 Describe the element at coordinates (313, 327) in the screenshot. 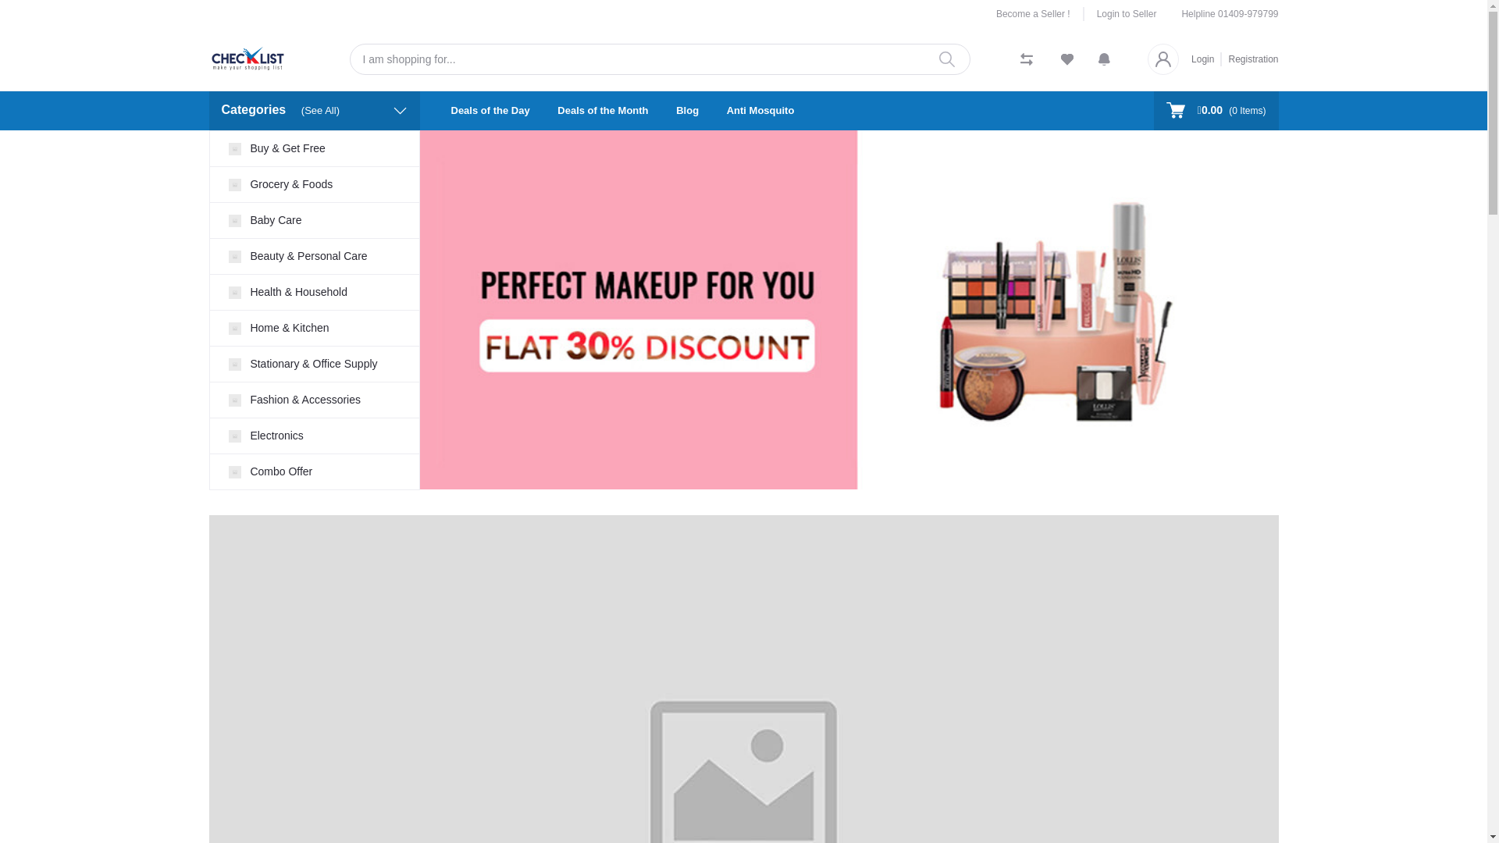

I see `'Home & Kitchen'` at that location.